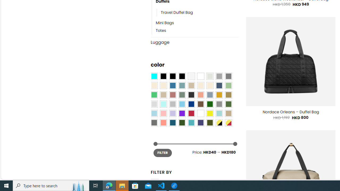 This screenshot has width=340, height=191. What do you see at coordinates (173, 94) in the screenshot?
I see `'Rose'` at bounding box center [173, 94].